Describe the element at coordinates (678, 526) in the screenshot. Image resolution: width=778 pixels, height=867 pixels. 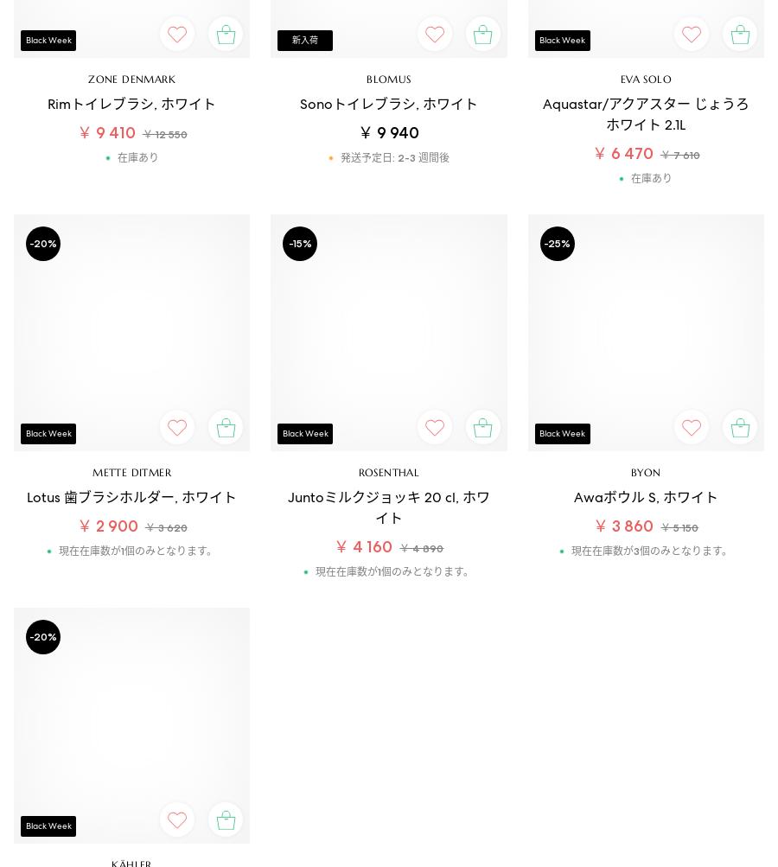
I see `'￥ 5 150'` at that location.